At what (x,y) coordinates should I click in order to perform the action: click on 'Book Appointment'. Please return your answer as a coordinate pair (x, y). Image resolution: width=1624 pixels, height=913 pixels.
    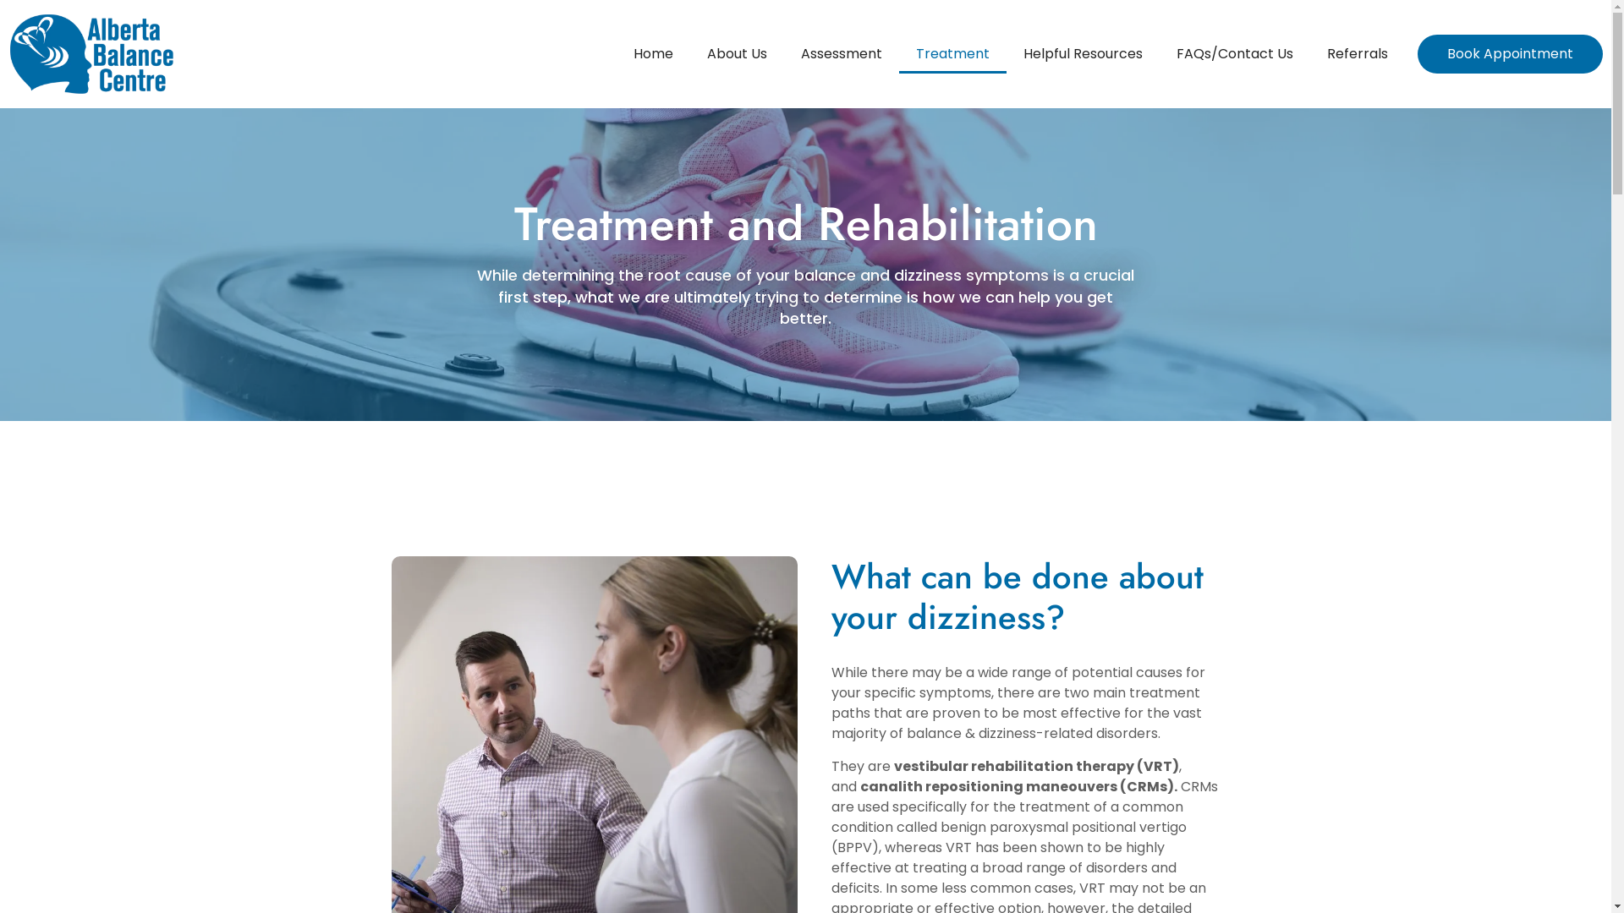
    Looking at the image, I should click on (1510, 53).